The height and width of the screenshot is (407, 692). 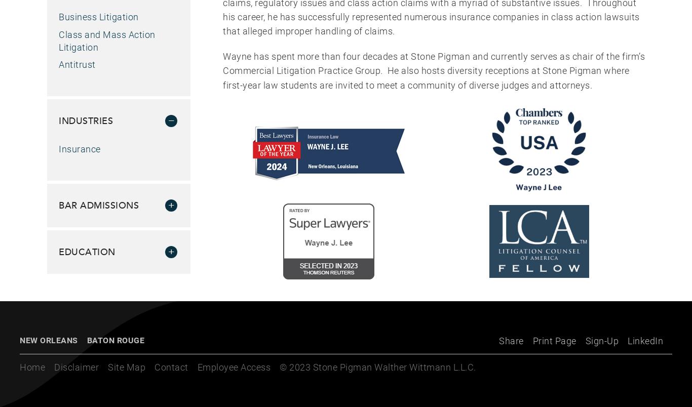 I want to click on 'Print Page', so click(x=554, y=340).